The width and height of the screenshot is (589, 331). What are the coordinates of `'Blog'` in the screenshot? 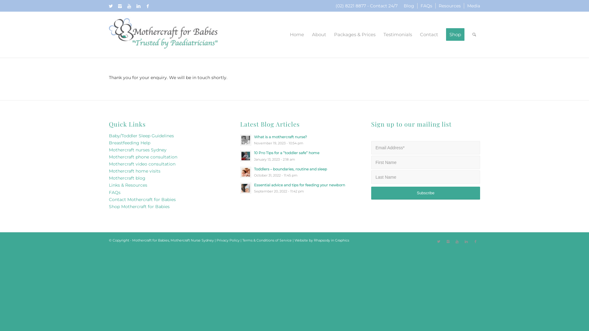 It's located at (409, 6).